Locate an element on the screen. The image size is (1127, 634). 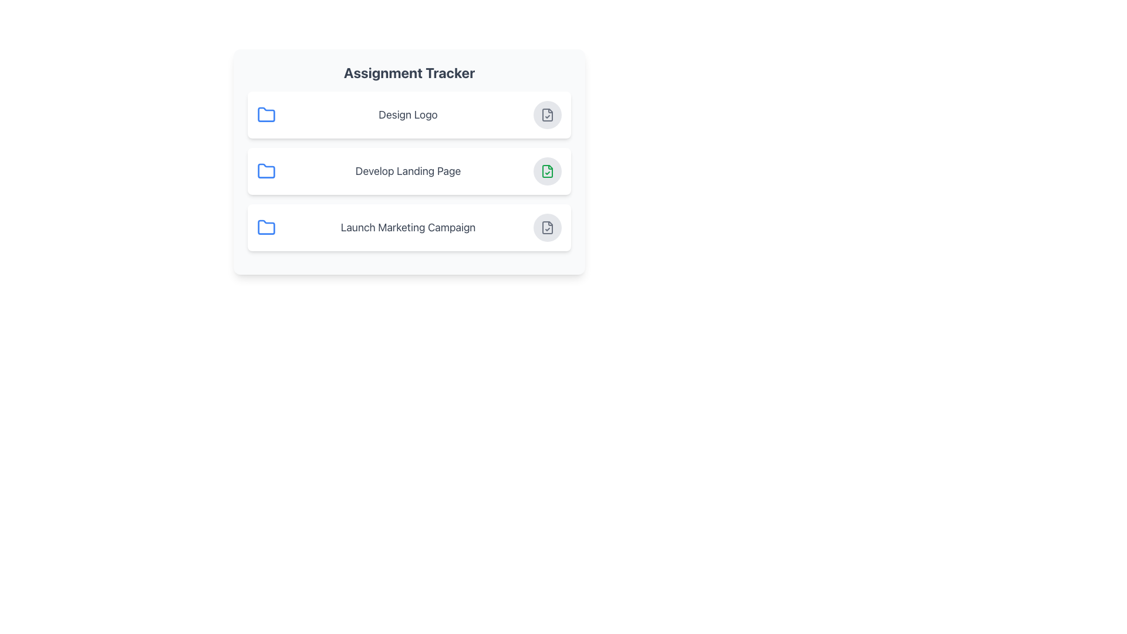
the 'Design Logo' text label located in the center of the first row of task entries, which is positioned between a blue folder icon and an interactive button is located at coordinates (408, 115).